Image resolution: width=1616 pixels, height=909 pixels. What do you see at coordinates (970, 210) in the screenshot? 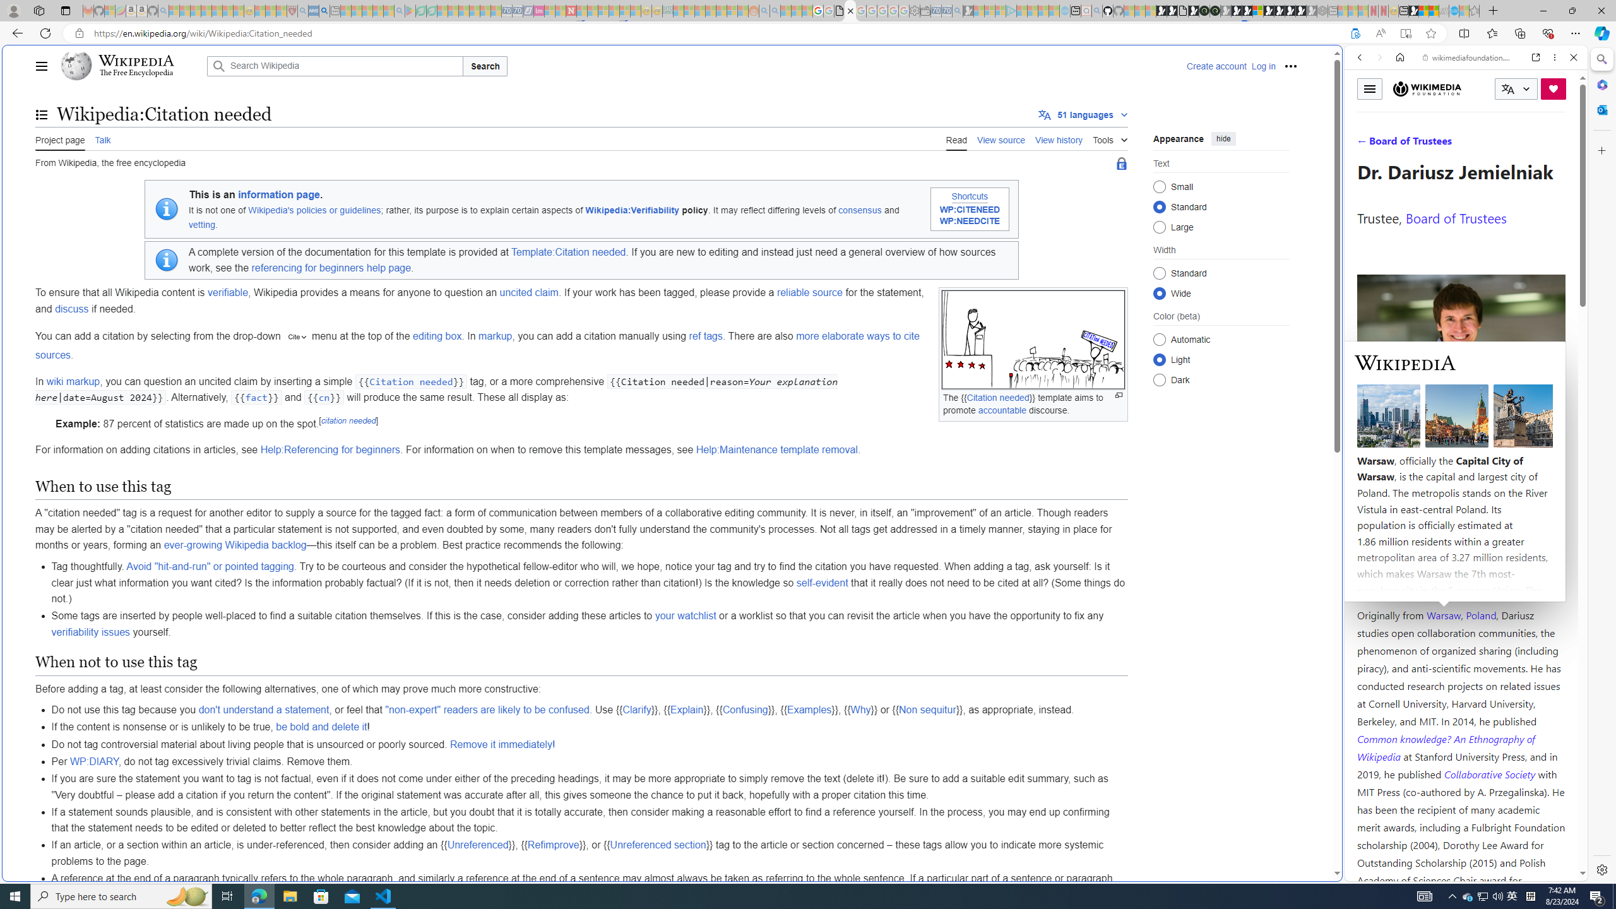
I see `'WP:CITENEED'` at bounding box center [970, 210].